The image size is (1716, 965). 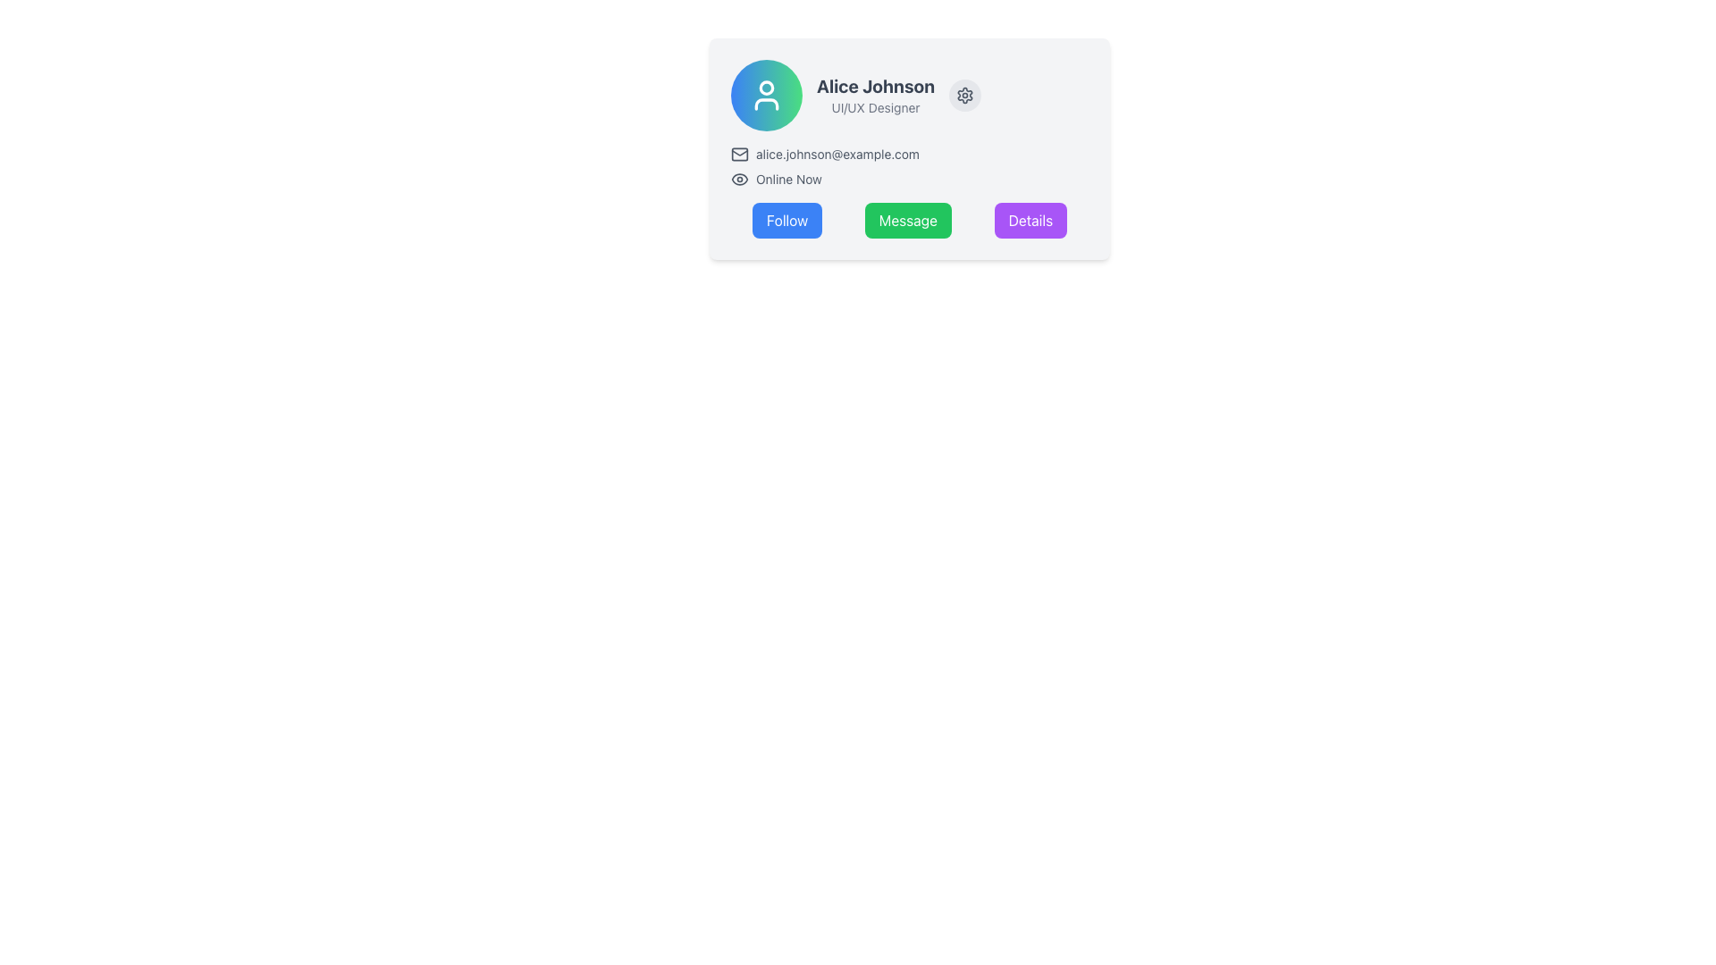 I want to click on the text label displaying the user's email address in the profile card, located to the right of two icons and above the 'Online Now' status text, so click(x=837, y=154).